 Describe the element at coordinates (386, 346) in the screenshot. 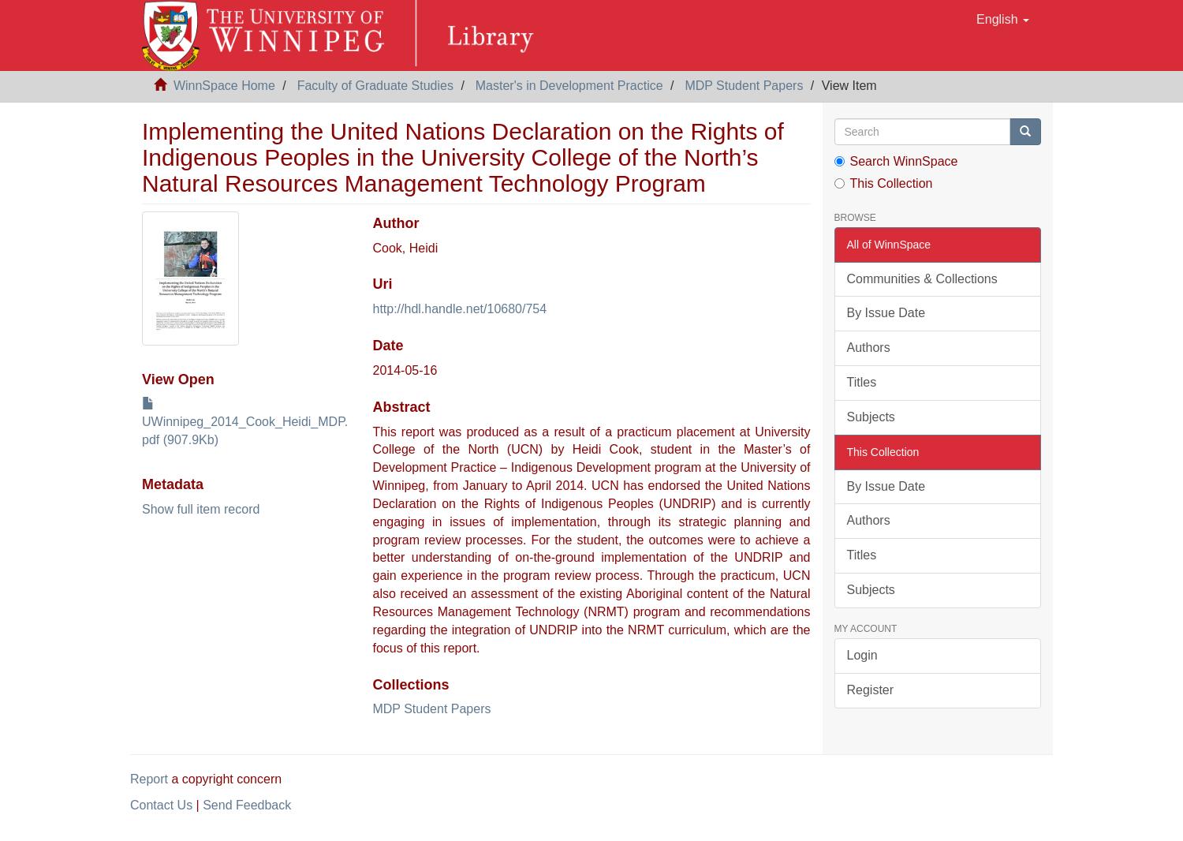

I see `'Date'` at that location.